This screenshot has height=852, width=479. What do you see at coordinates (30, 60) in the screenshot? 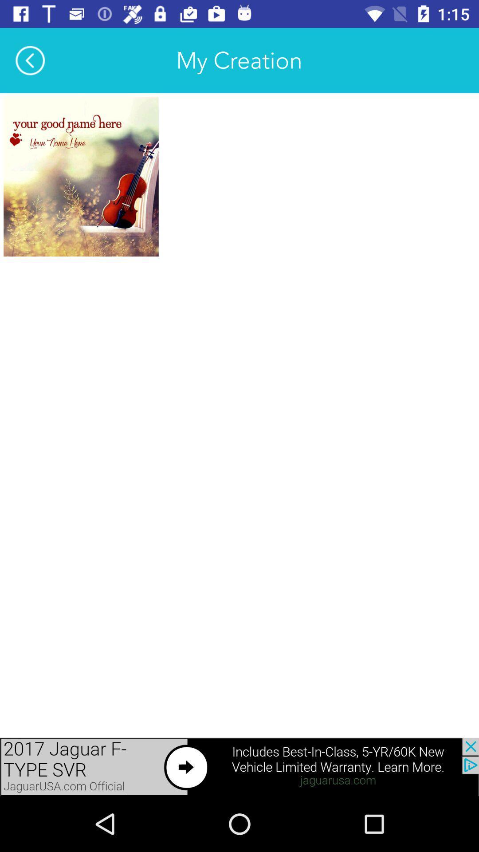
I see `the arrow_backward icon` at bounding box center [30, 60].